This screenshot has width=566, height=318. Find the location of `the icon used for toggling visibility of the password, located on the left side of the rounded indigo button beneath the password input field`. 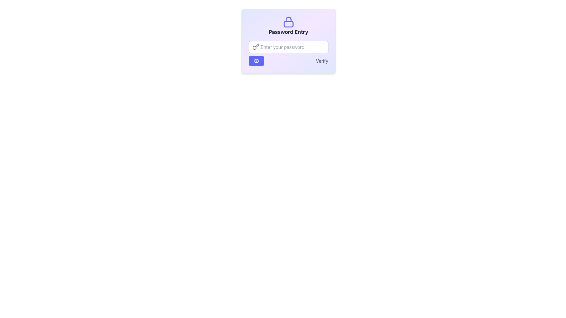

the icon used for toggling visibility of the password, located on the left side of the rounded indigo button beneath the password input field is located at coordinates (256, 61).